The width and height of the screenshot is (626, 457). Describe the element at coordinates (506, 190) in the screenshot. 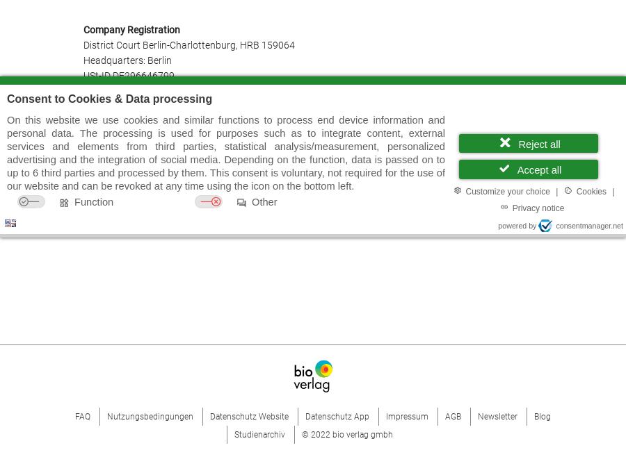

I see `'Customize your choice'` at that location.